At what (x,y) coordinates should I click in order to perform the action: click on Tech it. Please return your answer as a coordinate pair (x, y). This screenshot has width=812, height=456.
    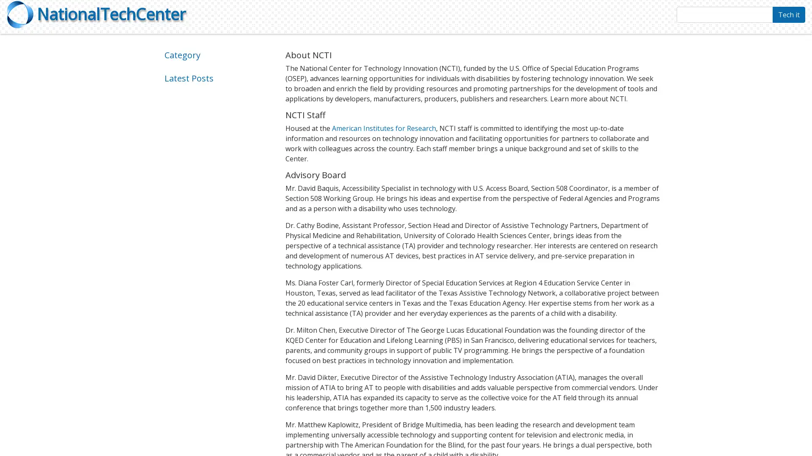
    Looking at the image, I should click on (788, 14).